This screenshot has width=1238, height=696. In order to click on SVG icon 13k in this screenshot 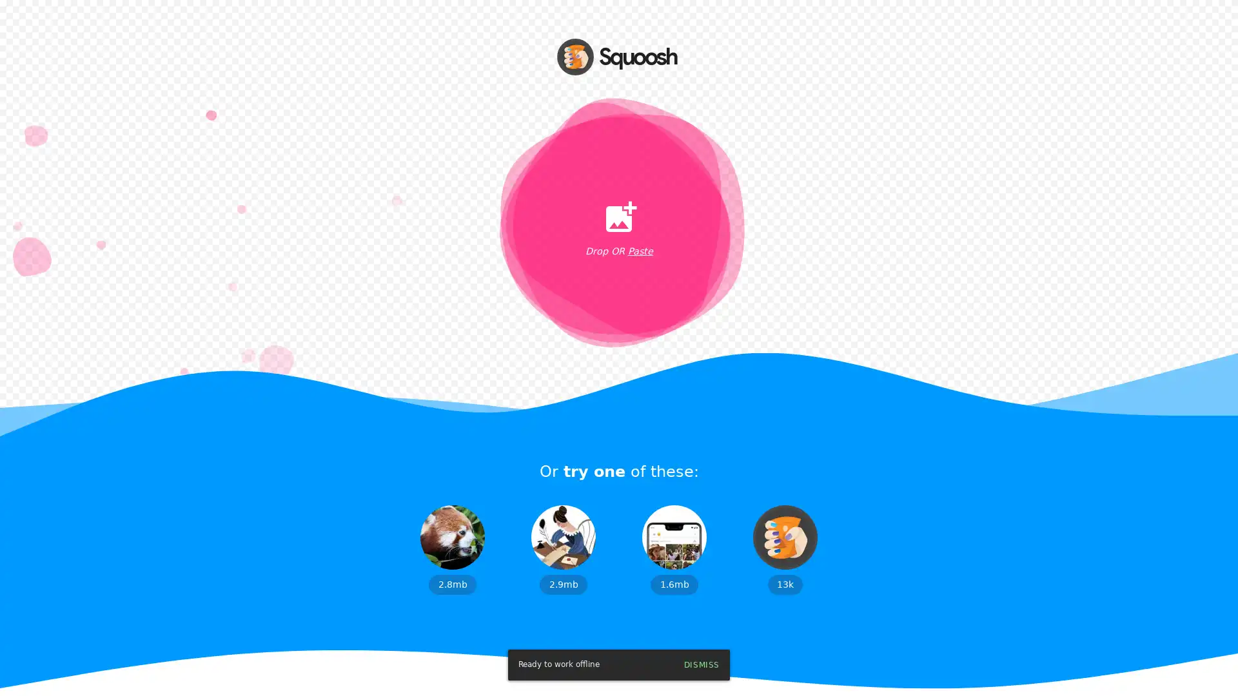, I will do `click(785, 549)`.